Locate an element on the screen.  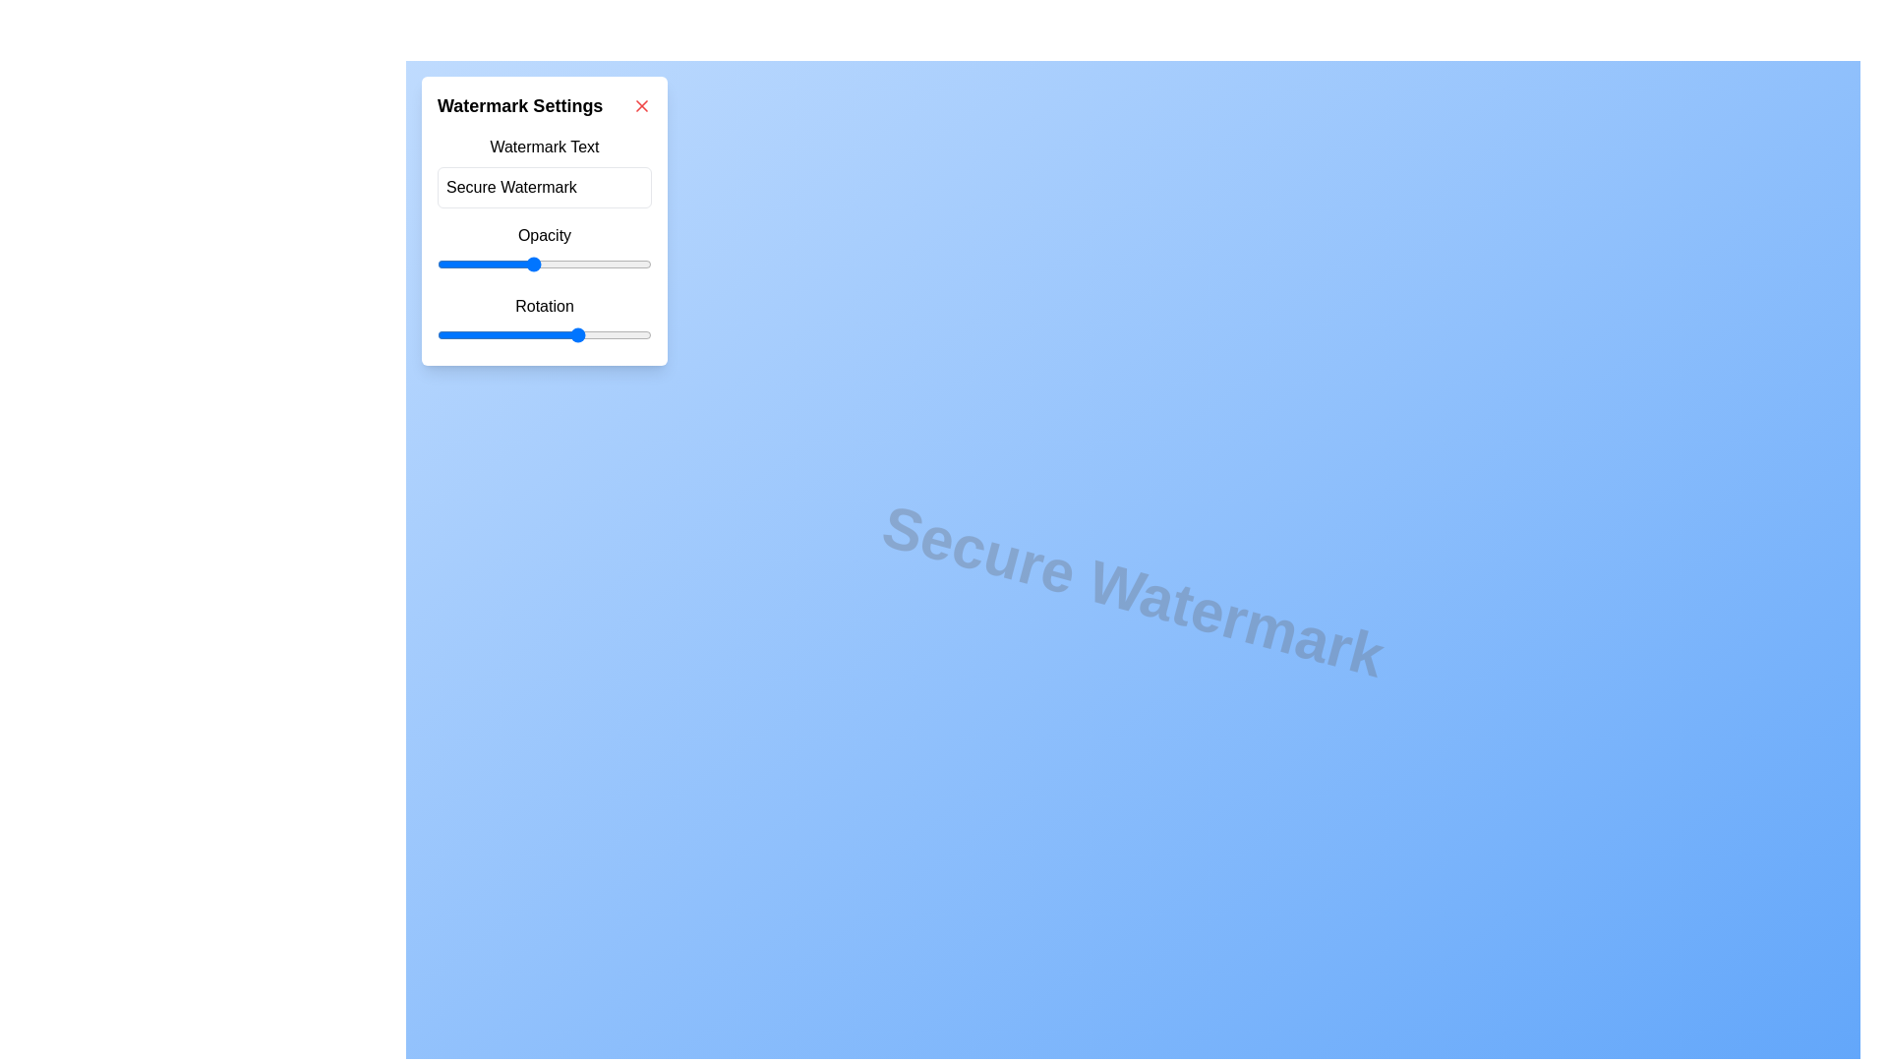
the Text Label that serves as a contextual description for the input field labeled 'Secure Watermark' in the settings popup is located at coordinates (544, 147).